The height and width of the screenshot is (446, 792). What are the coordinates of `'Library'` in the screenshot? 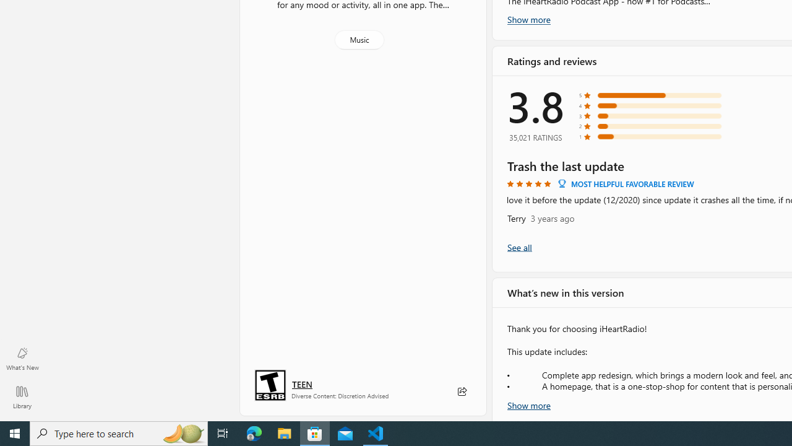 It's located at (22, 396).